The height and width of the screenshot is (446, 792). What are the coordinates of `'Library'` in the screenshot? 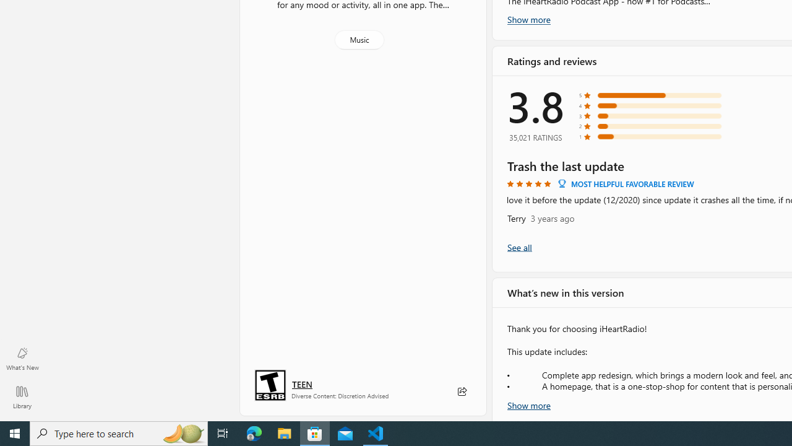 It's located at (22, 396).